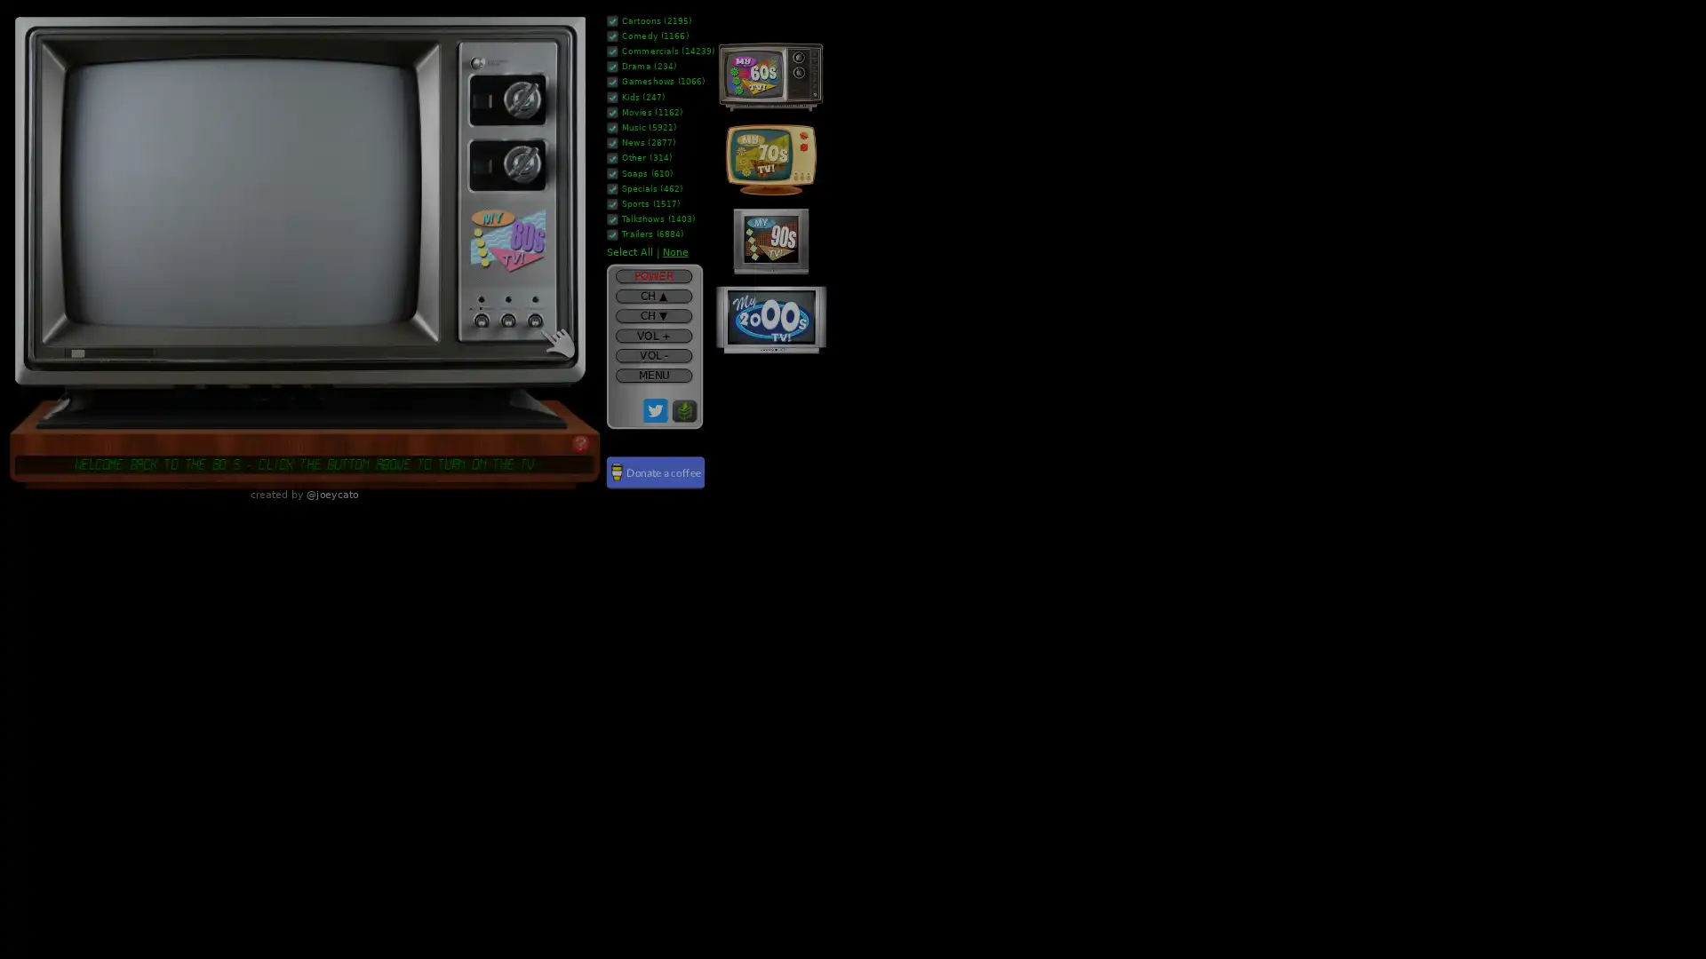 The height and width of the screenshot is (959, 1706). I want to click on CH, so click(652, 314).